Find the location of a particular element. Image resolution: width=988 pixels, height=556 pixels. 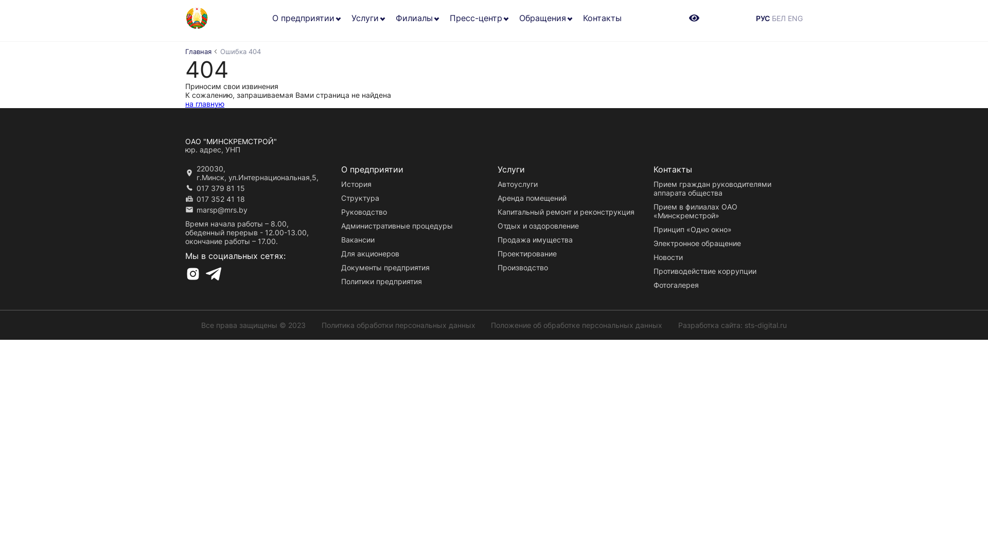

'marsp@mrs.by' is located at coordinates (221, 209).